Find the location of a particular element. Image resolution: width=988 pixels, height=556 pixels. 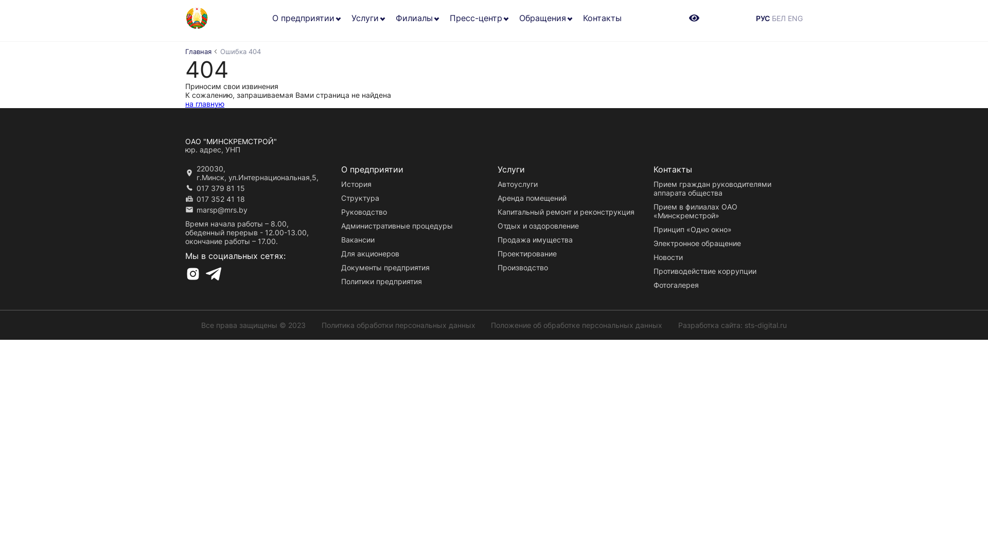

'marsp@mrs.by' is located at coordinates (221, 209).